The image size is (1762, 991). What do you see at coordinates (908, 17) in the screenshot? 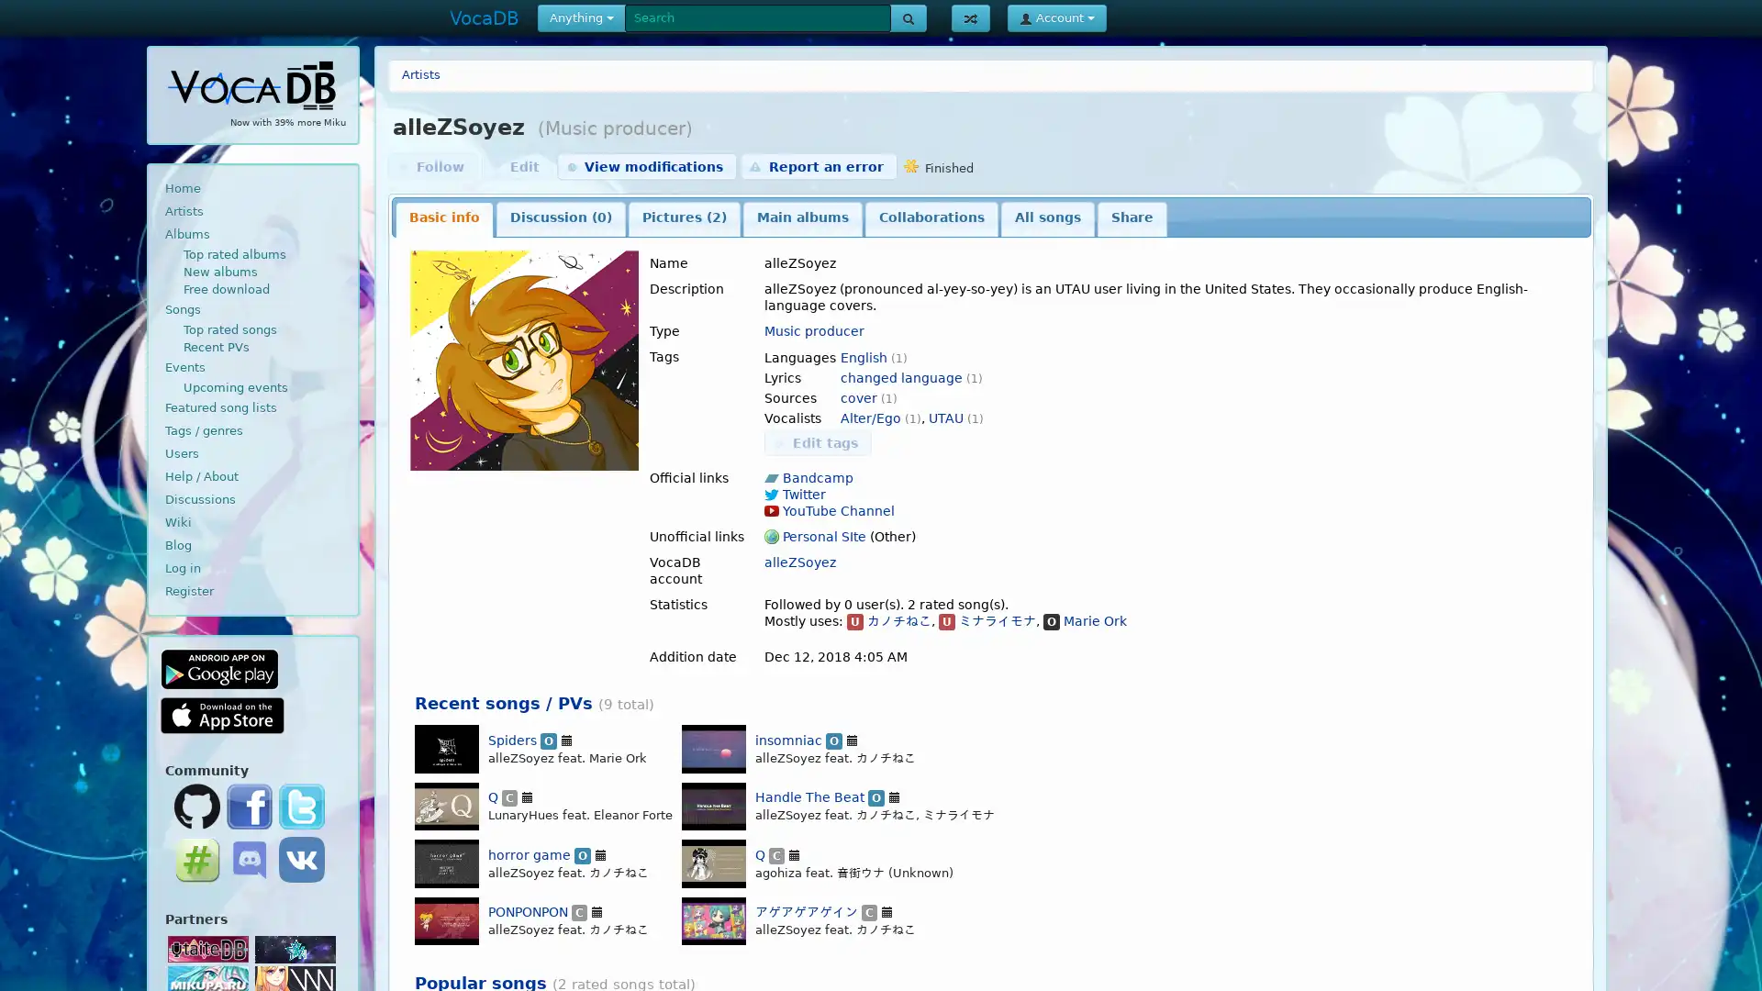
I see `Search` at bounding box center [908, 17].